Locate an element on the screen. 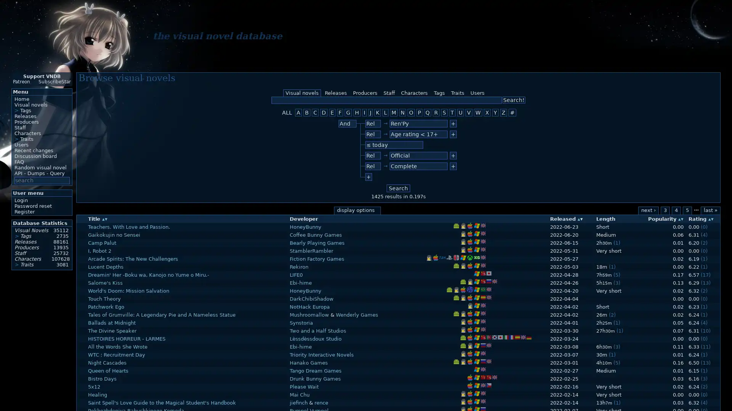 This screenshot has height=411, width=732. V is located at coordinates (468, 113).